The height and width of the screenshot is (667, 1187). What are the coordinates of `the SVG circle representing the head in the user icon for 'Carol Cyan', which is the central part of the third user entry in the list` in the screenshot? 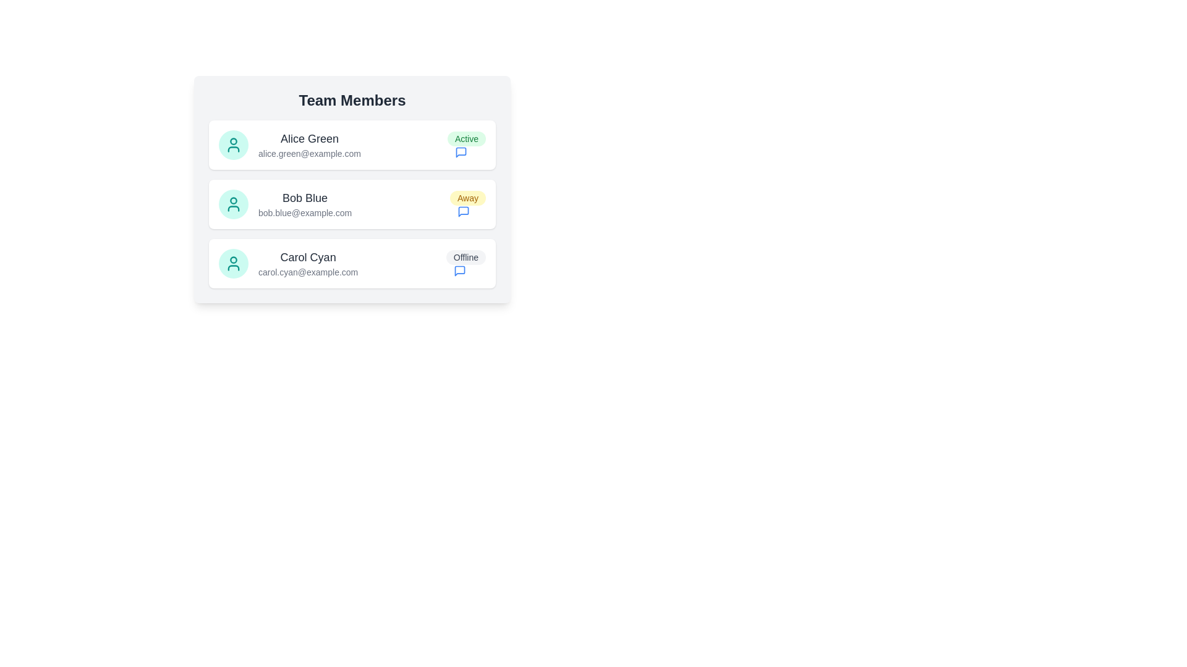 It's located at (234, 259).